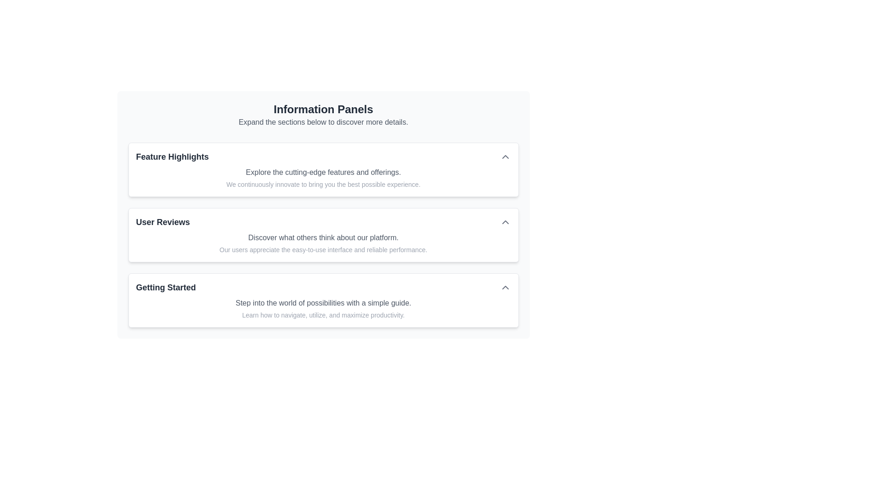 This screenshot has height=497, width=884. I want to click on the chevron arrow located on the right side of the 'Getting Started' section header, so click(505, 287).